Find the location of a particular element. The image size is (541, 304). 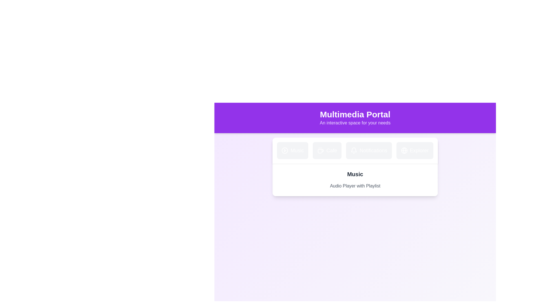

the 'Notifications' button is located at coordinates (369, 150).